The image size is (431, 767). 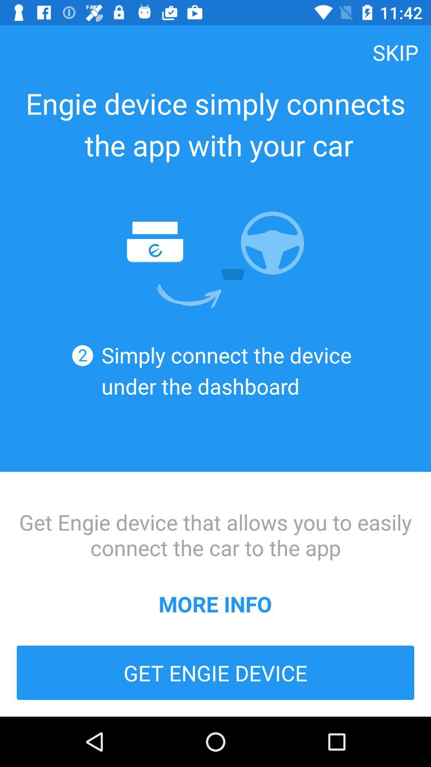 I want to click on more info item, so click(x=215, y=604).